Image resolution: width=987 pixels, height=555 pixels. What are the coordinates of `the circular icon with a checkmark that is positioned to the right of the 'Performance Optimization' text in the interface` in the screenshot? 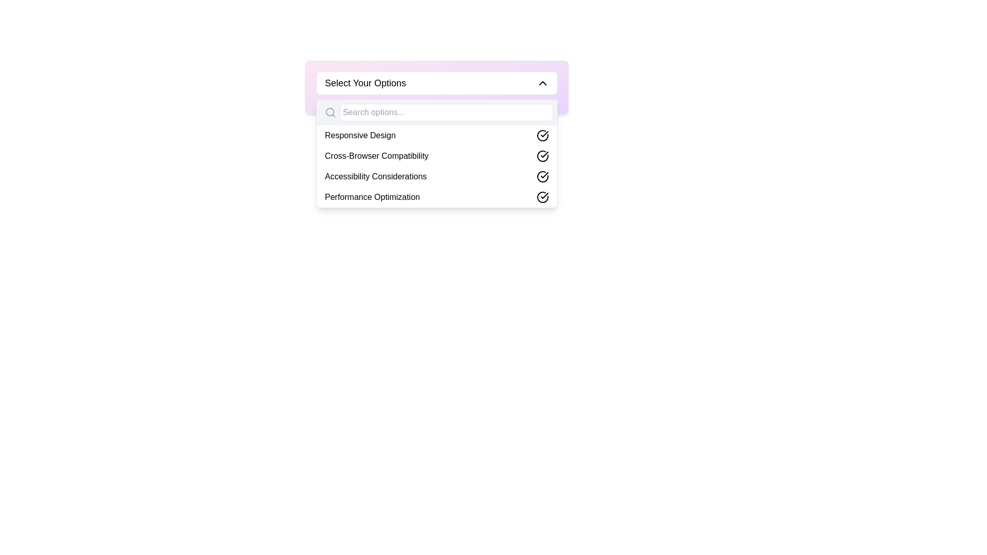 It's located at (542, 197).